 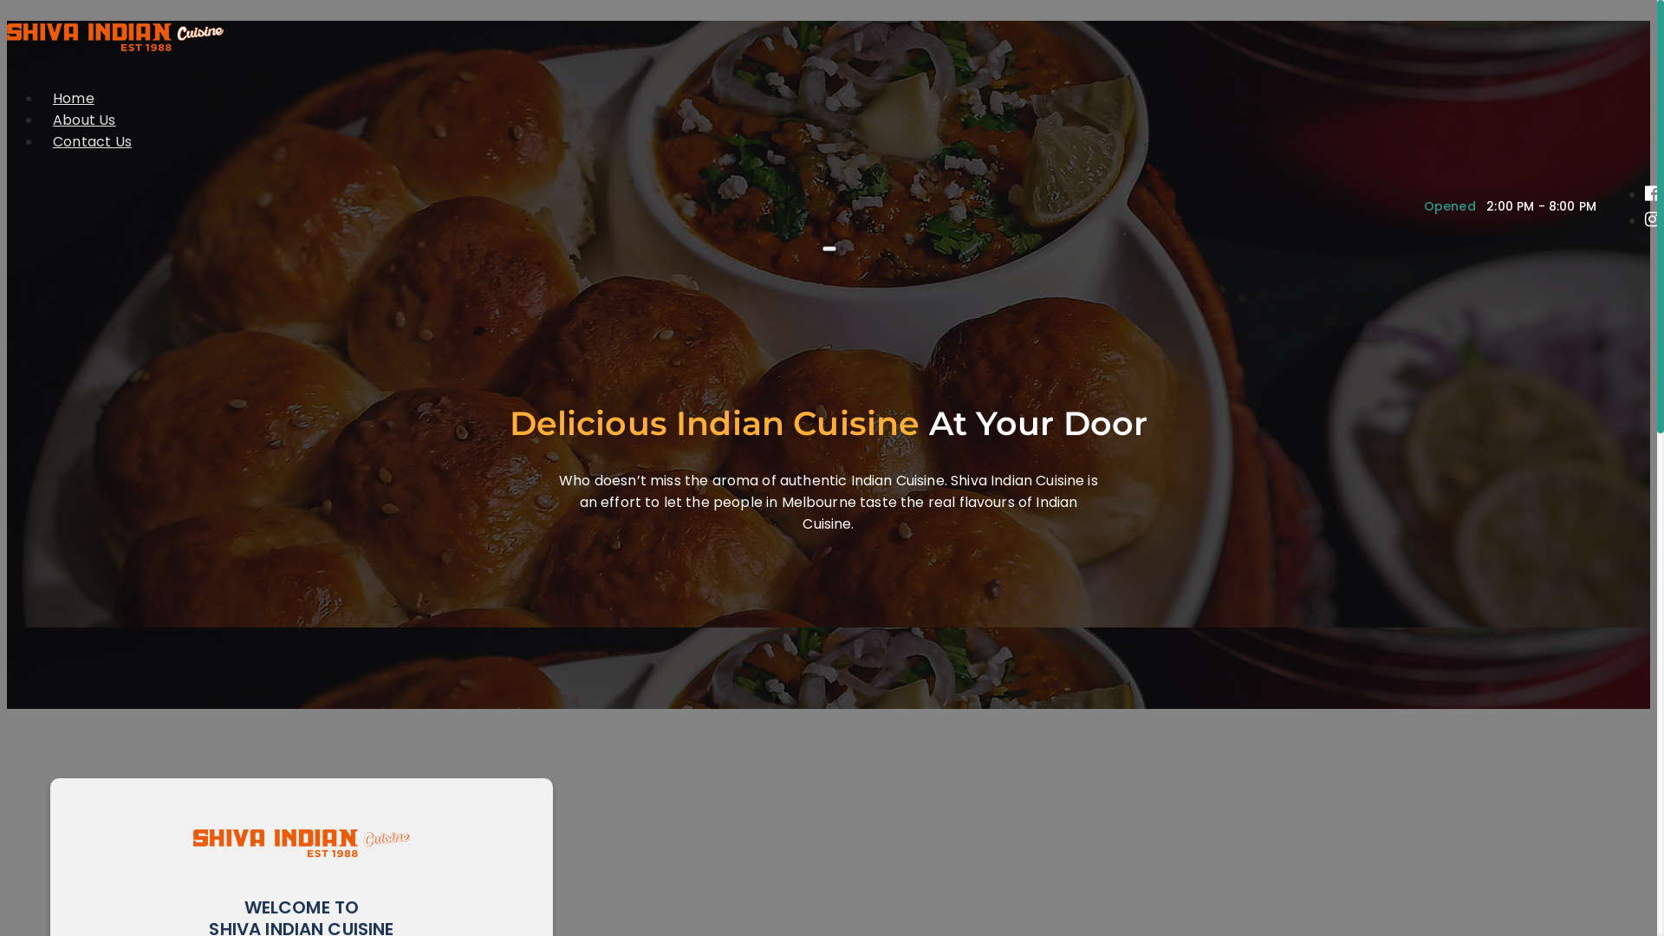 What do you see at coordinates (73, 98) in the screenshot?
I see `'Home` at bounding box center [73, 98].